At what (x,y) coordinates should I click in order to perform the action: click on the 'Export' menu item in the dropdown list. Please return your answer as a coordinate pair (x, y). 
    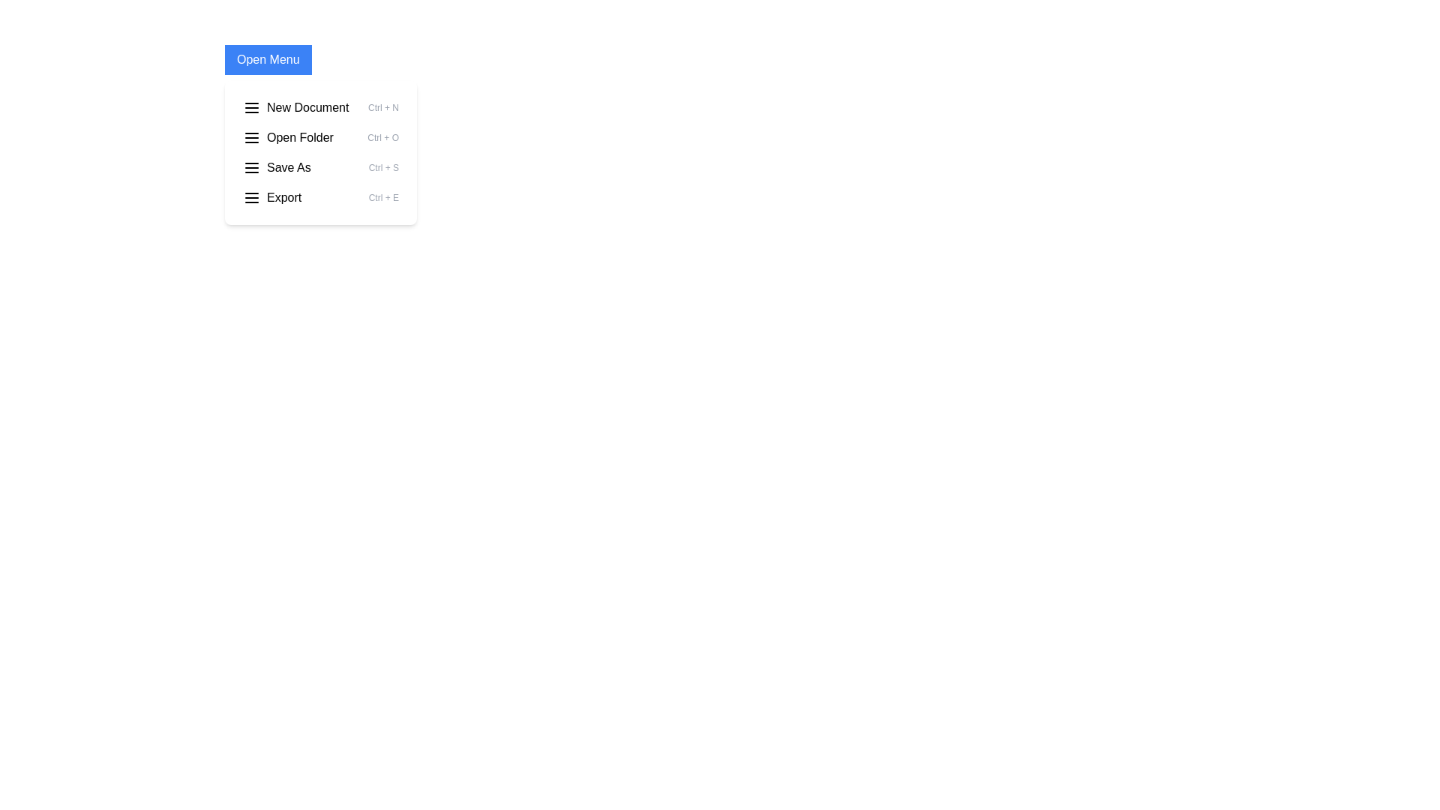
    Looking at the image, I should click on (319, 196).